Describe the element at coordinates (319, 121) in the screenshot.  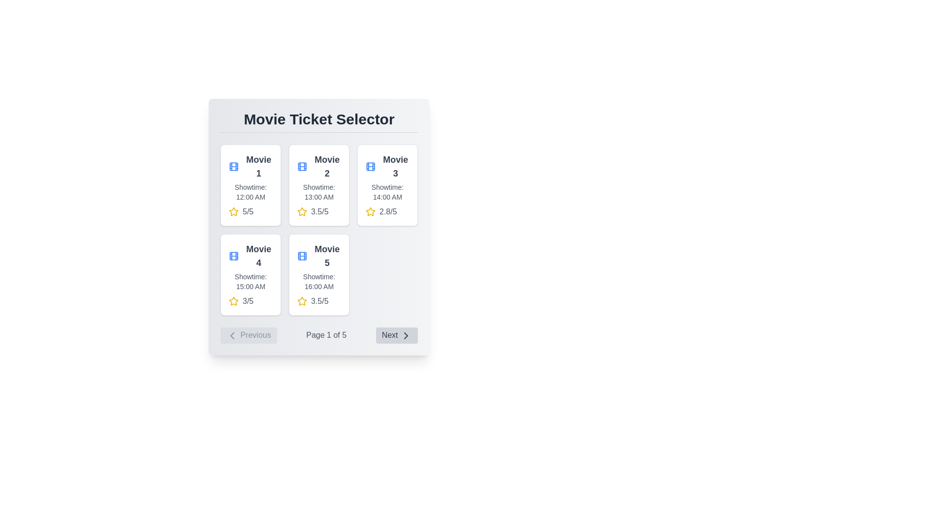
I see `text header labeled 'Movie Ticket Selector', which is styled in large, bold, and centered font, positioned prominently at the top of the content area` at that location.